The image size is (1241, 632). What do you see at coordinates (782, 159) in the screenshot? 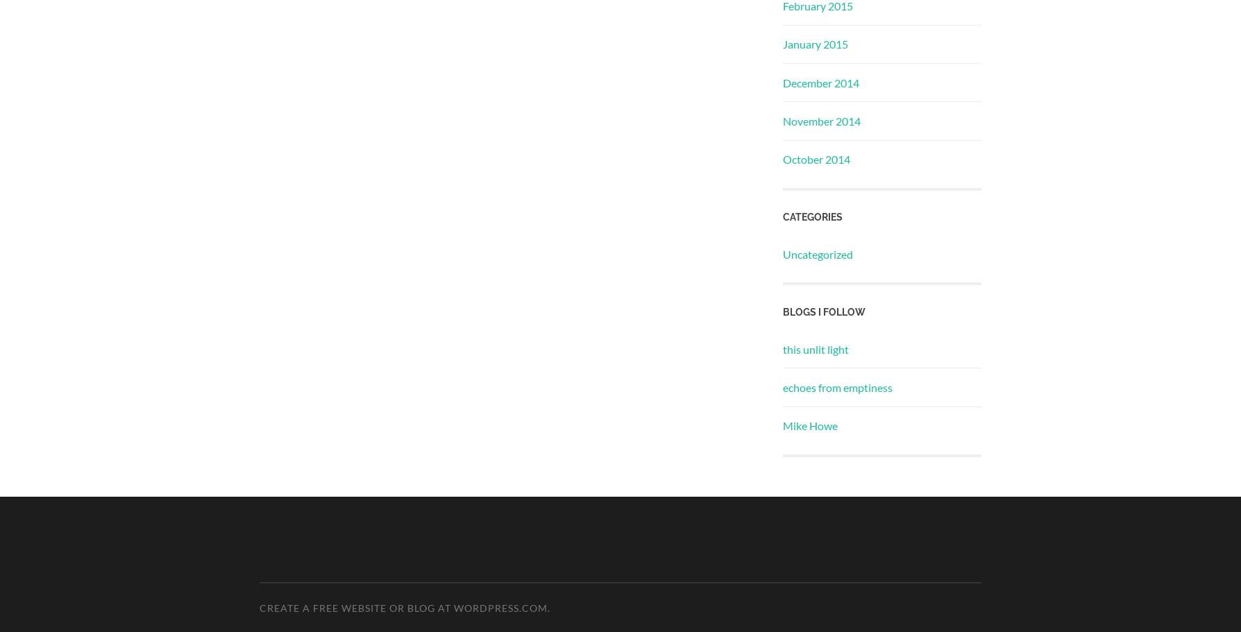
I see `'October 2014'` at bounding box center [782, 159].